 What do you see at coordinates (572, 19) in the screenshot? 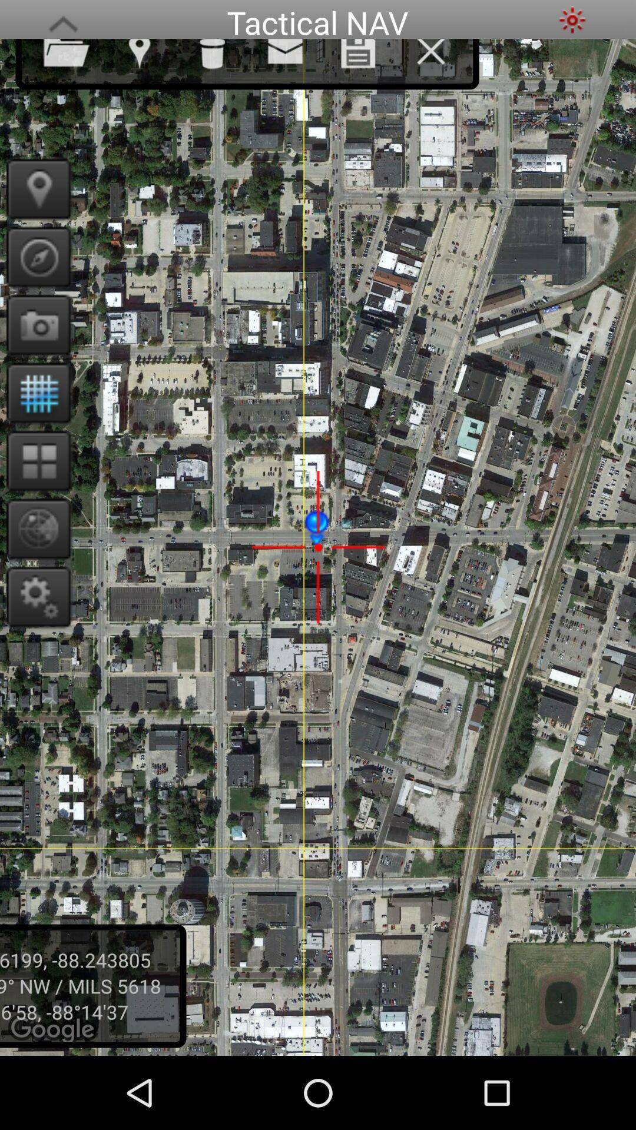
I see `dark theme option` at bounding box center [572, 19].